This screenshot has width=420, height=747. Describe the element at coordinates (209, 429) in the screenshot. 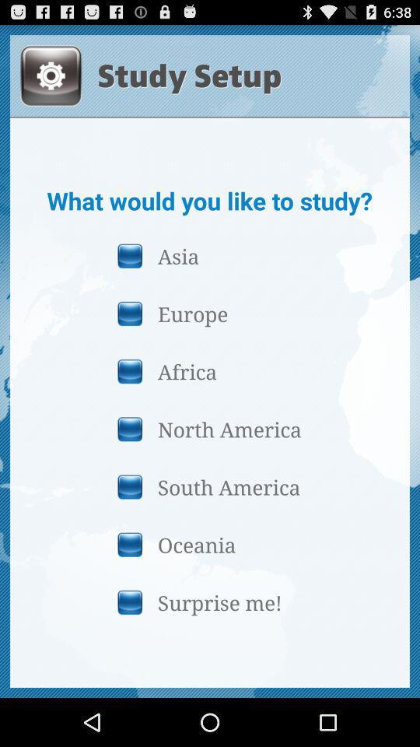

I see `the north america` at that location.